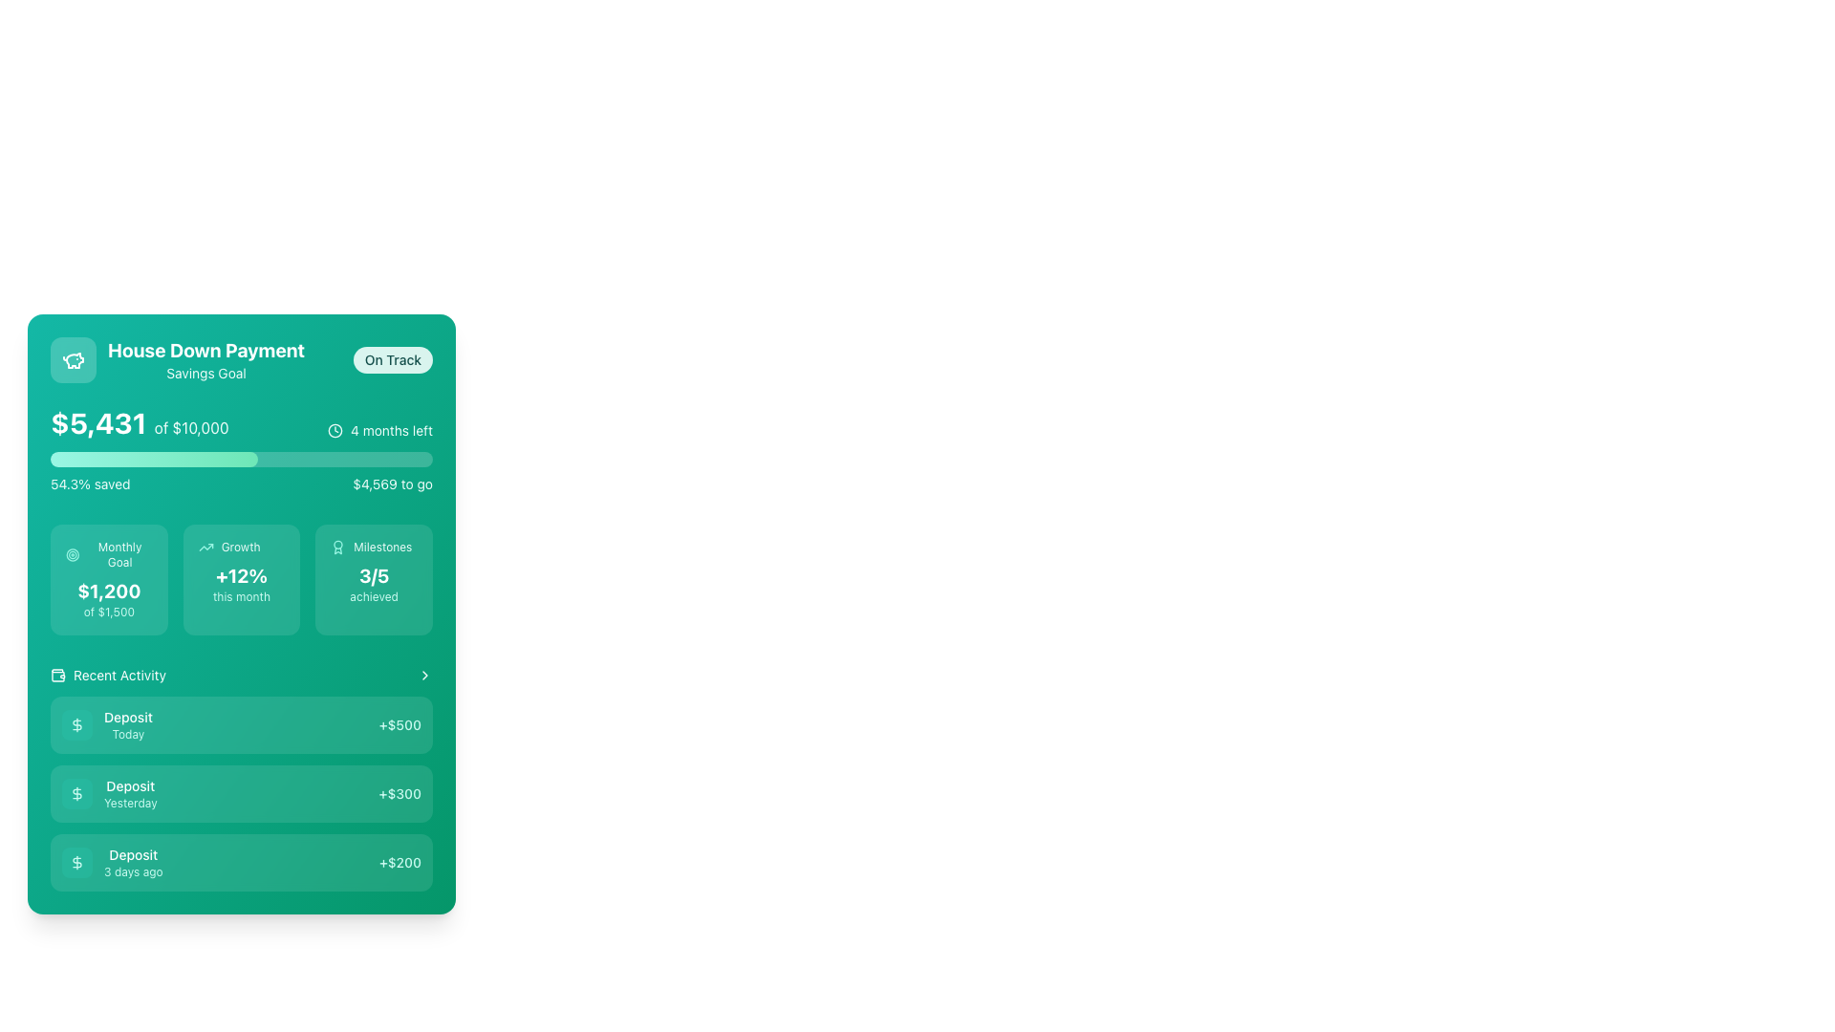 Image resolution: width=1835 pixels, height=1032 pixels. I want to click on text label displaying '+$500' in teal color, which indicates a deposit activity and is located at the bottom-right section of the interface, so click(399, 725).